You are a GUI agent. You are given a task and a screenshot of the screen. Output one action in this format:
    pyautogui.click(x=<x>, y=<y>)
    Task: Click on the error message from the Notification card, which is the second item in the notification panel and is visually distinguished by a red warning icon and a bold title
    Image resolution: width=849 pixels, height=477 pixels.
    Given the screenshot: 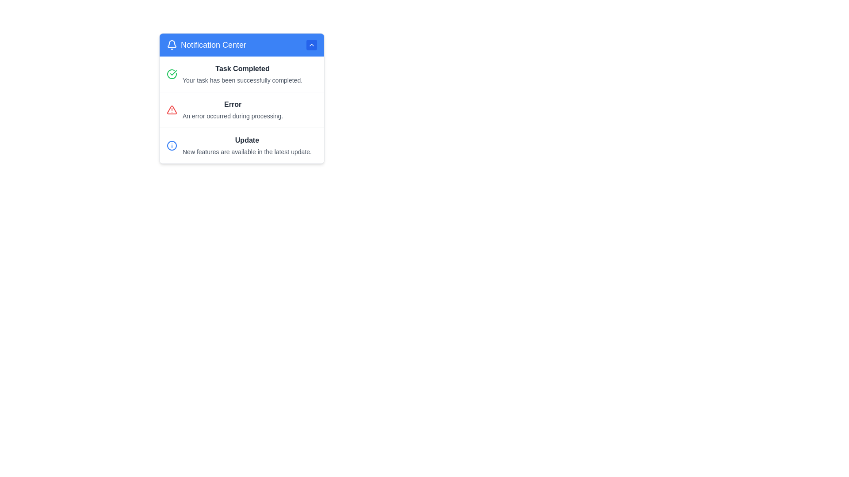 What is the action you would take?
    pyautogui.click(x=242, y=109)
    